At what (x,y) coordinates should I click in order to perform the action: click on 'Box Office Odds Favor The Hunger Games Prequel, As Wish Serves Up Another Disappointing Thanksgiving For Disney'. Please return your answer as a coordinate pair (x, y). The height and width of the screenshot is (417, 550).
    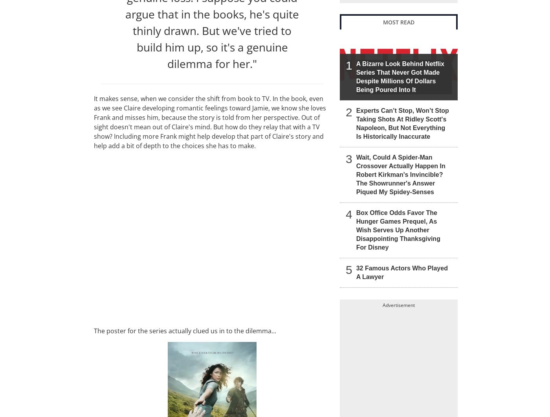
    Looking at the image, I should click on (398, 229).